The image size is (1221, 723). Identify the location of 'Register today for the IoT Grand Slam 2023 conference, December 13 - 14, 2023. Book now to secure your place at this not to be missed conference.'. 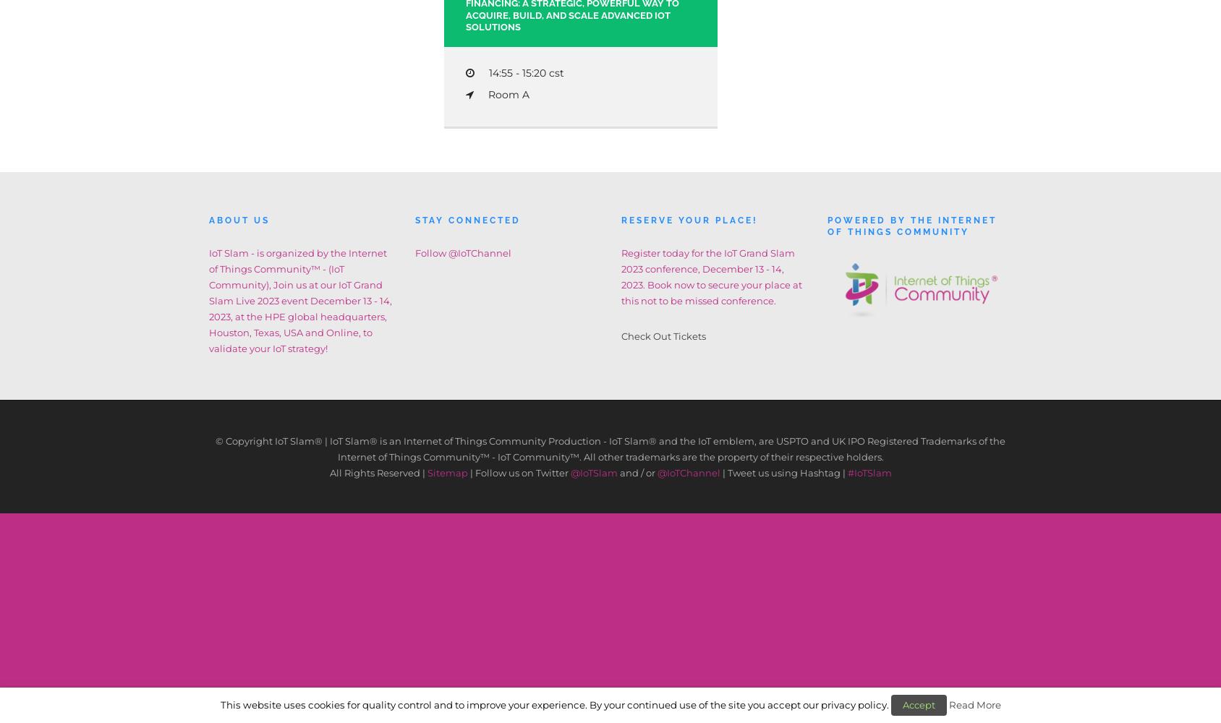
(711, 276).